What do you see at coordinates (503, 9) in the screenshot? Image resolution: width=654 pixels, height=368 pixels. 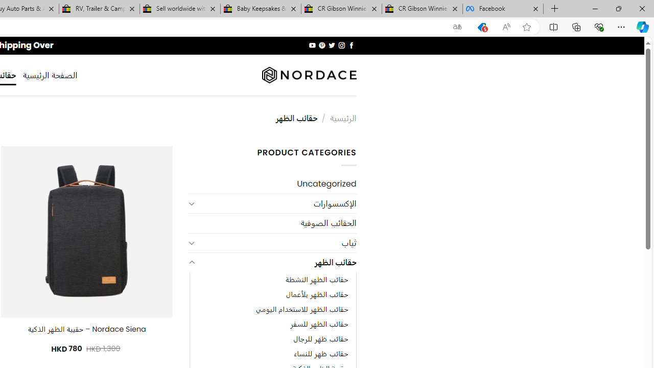 I see `'Facebook'` at bounding box center [503, 9].